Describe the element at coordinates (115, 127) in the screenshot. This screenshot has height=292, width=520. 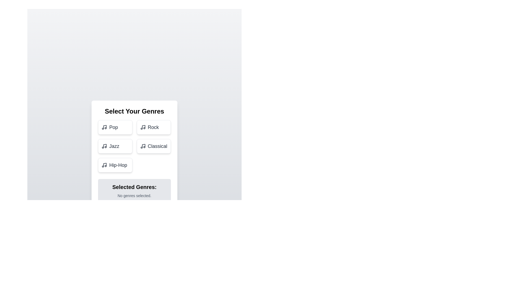
I see `the genre Pop` at that location.